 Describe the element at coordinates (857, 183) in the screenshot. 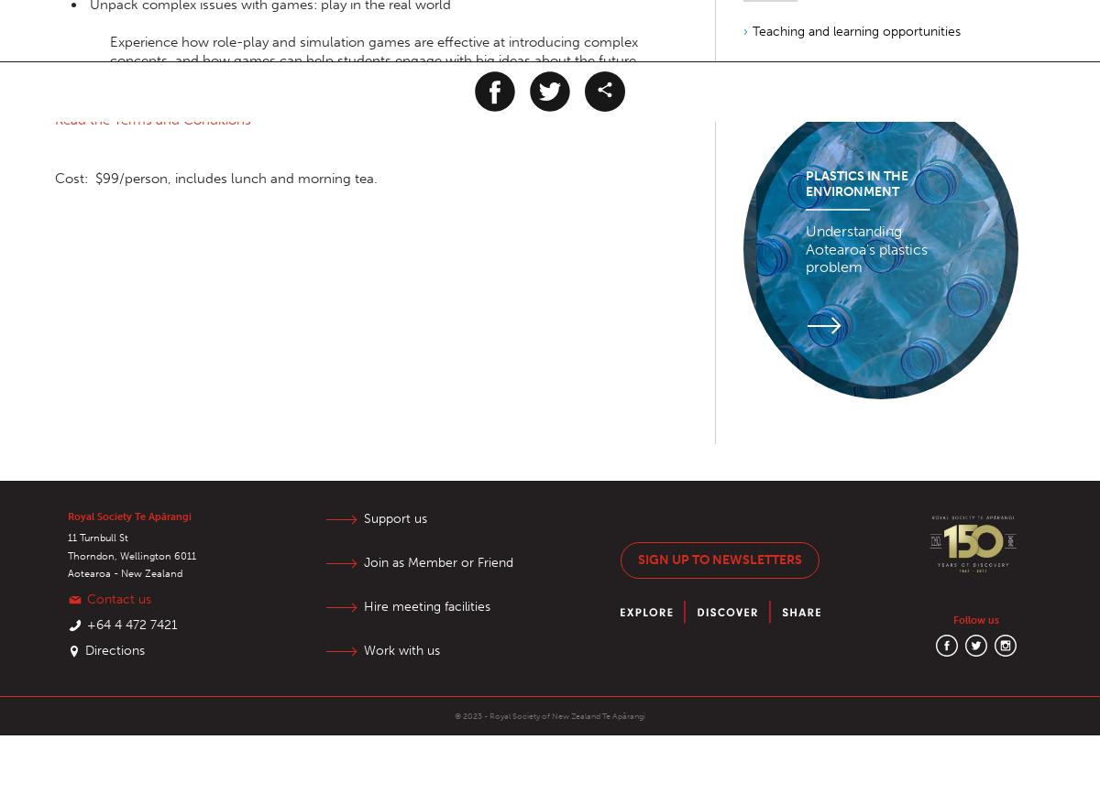

I see `'Plastics in the Environment'` at that location.